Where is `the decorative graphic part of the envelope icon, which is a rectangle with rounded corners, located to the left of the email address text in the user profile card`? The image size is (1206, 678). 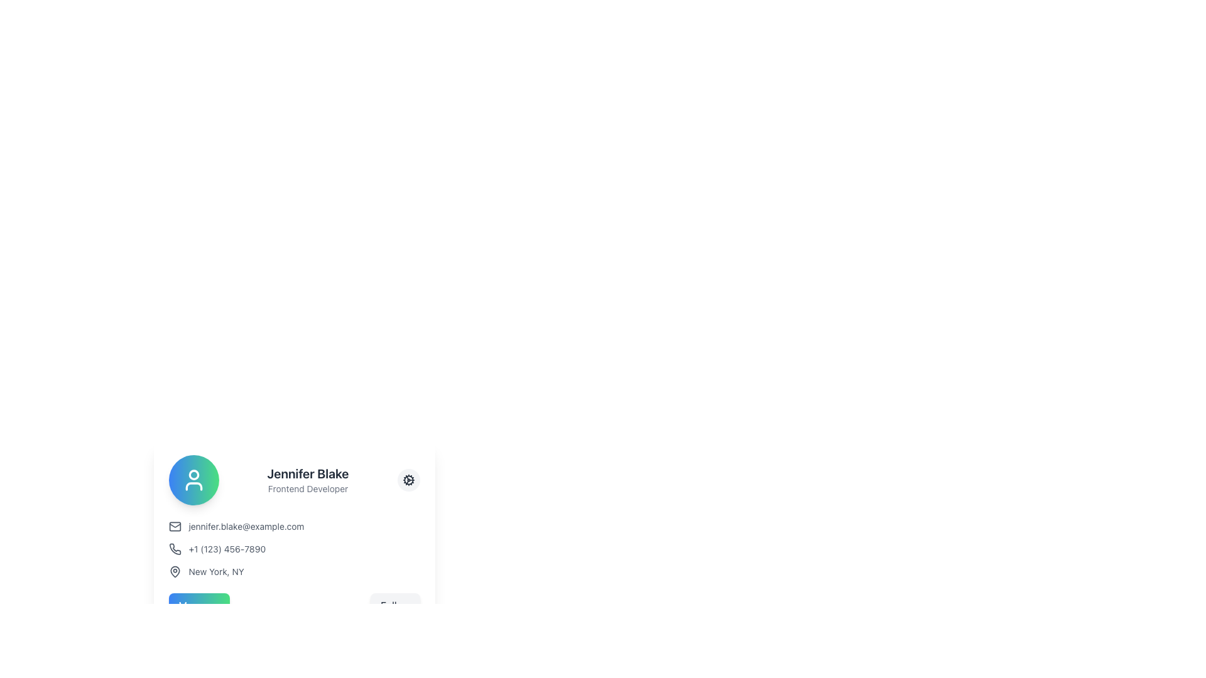 the decorative graphic part of the envelope icon, which is a rectangle with rounded corners, located to the left of the email address text in the user profile card is located at coordinates (174, 527).